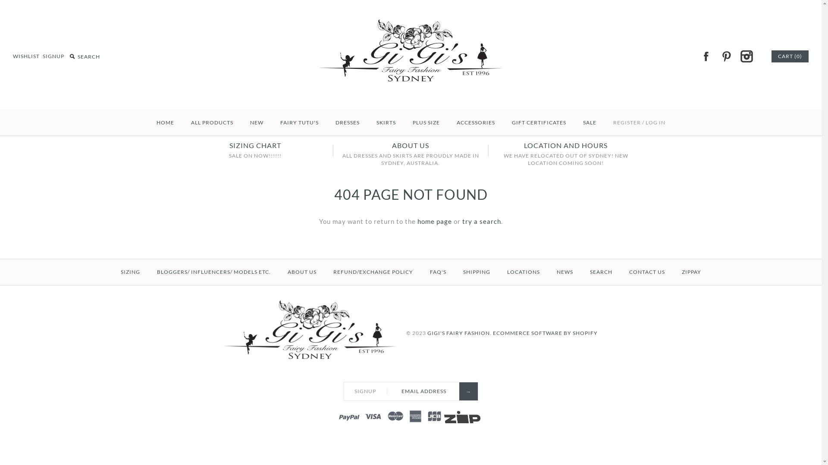 Image resolution: width=828 pixels, height=465 pixels. What do you see at coordinates (213, 272) in the screenshot?
I see `'BLOGGERS/ INFLUENCERS/ MODELS ETC.'` at bounding box center [213, 272].